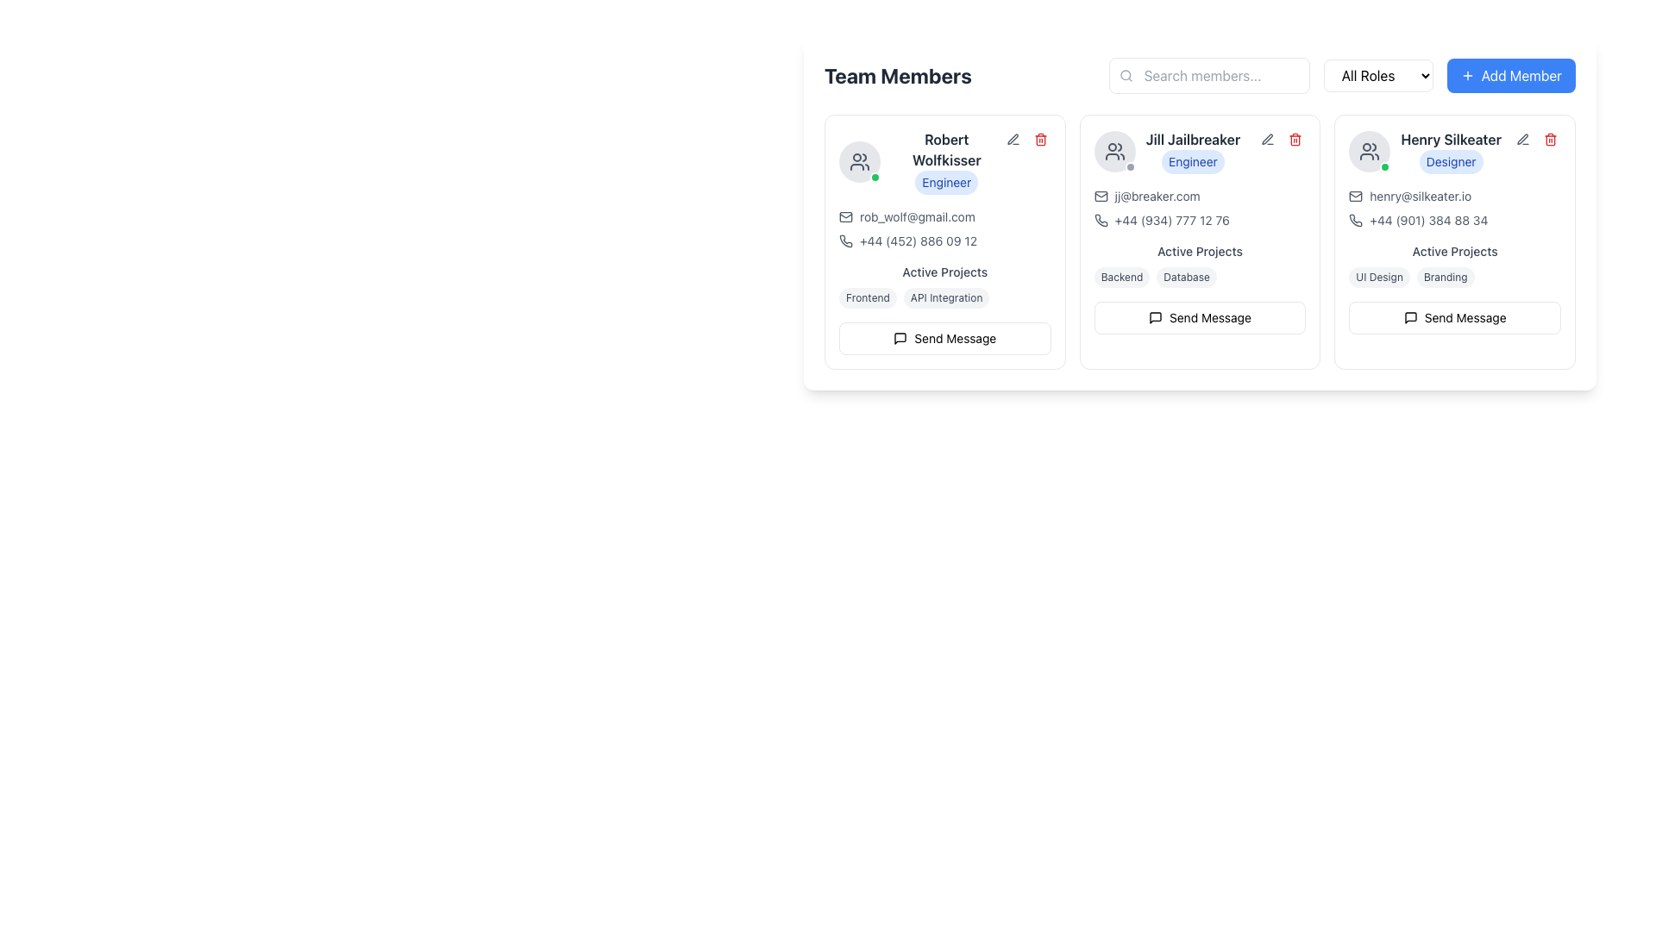  What do you see at coordinates (1192, 162) in the screenshot?
I see `the Badge representing Jill Jailbreaker's role within the team, located in the middle-right card underneath her name` at bounding box center [1192, 162].